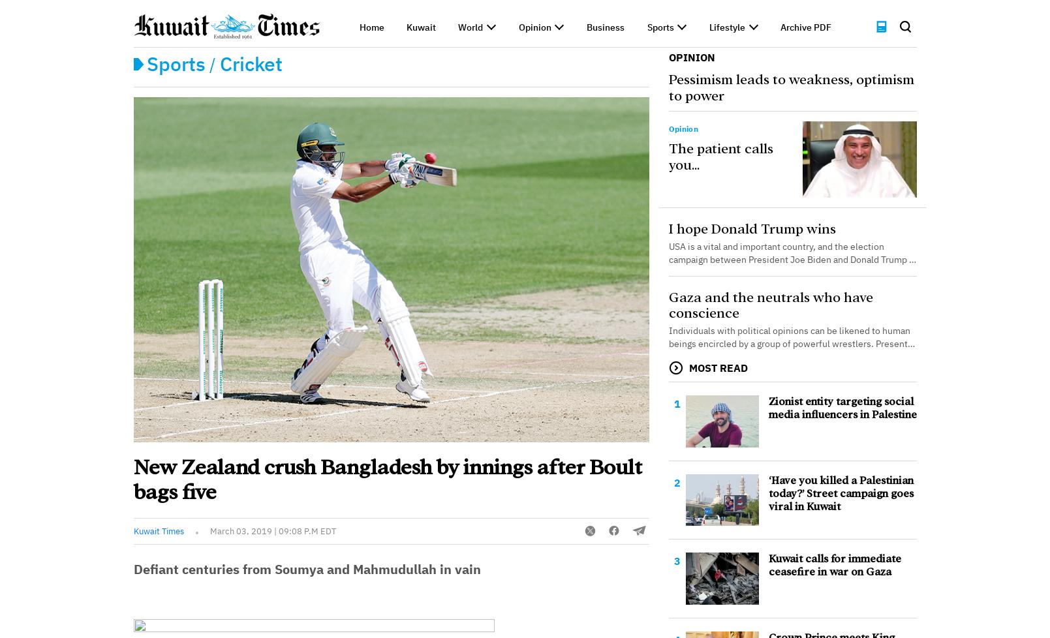 The height and width of the screenshot is (638, 1050). What do you see at coordinates (158, 530) in the screenshot?
I see `'Kuwait Times'` at bounding box center [158, 530].